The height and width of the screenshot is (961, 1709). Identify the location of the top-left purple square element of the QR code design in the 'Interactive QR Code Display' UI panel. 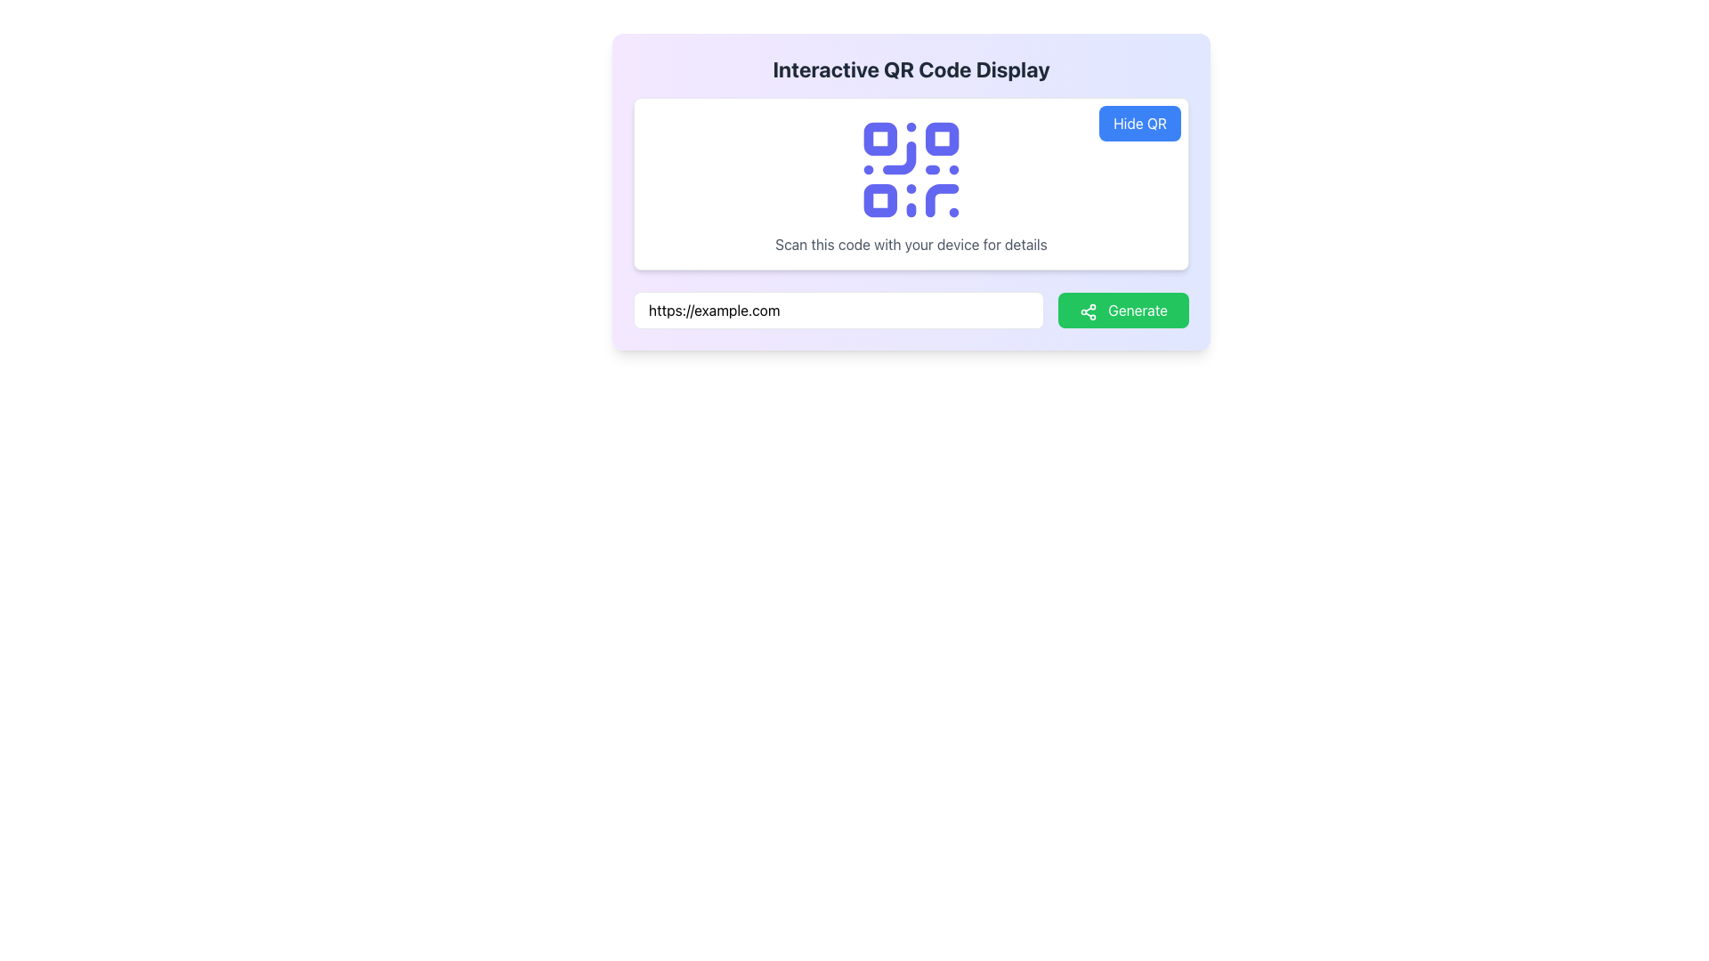
(880, 138).